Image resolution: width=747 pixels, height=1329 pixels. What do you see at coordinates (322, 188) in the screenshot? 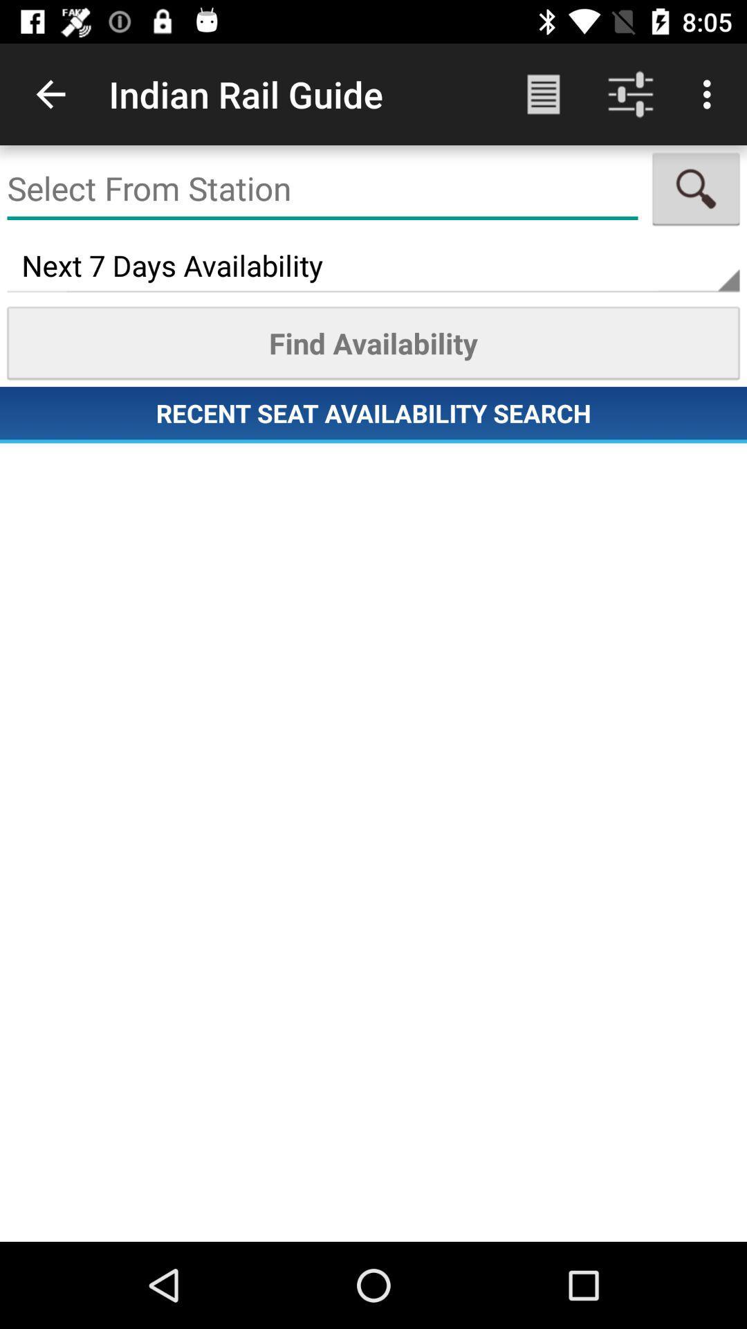
I see `the item above the next 7 days icon` at bounding box center [322, 188].